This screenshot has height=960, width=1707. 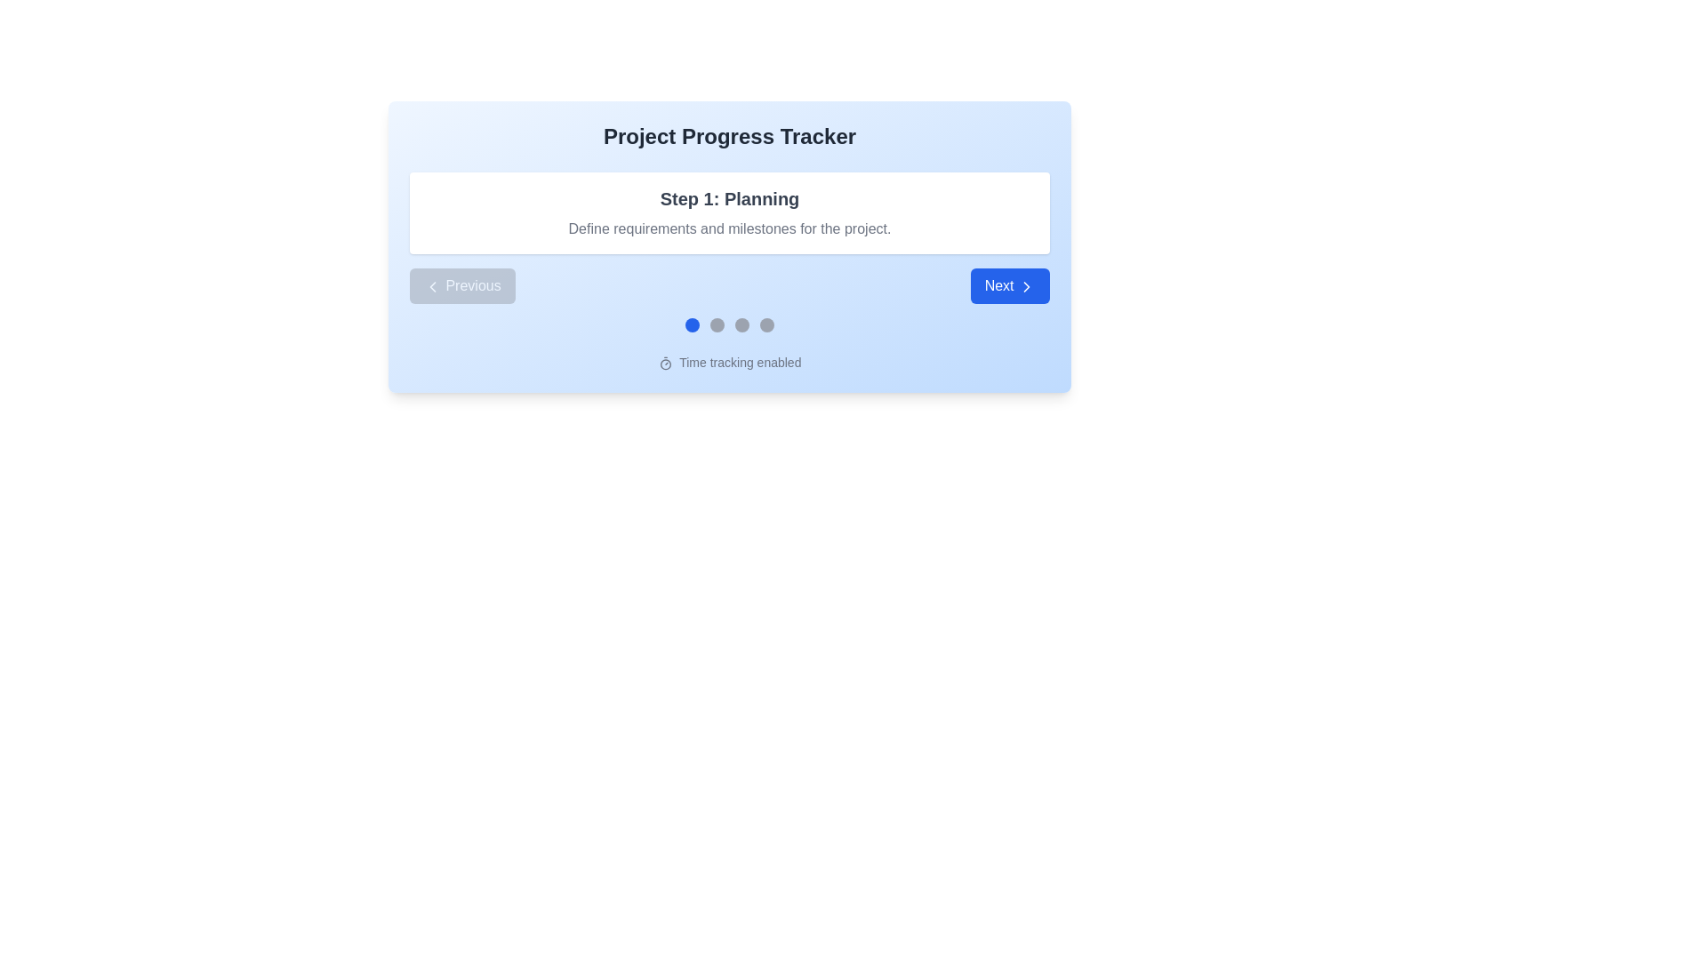 I want to click on the second gray circular progress indicator located centrally below the text 'Step 1: Planning', so click(x=717, y=325).